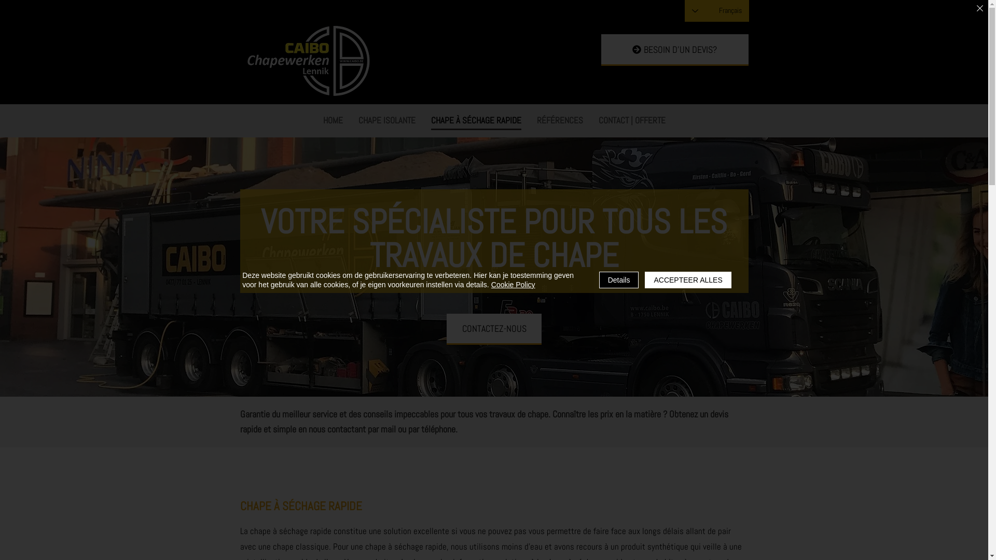 The width and height of the screenshot is (996, 560). I want to click on 'CONTACTEZ-NOUS', so click(493, 329).